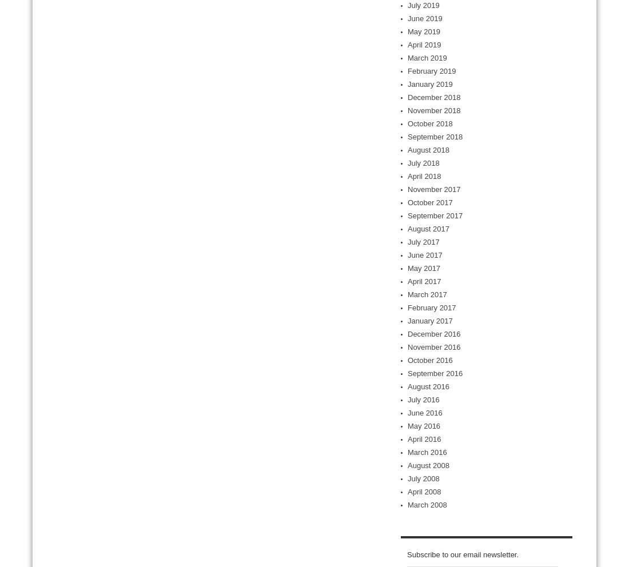 The height and width of the screenshot is (567, 629). What do you see at coordinates (407, 554) in the screenshot?
I see `'Subscribe to our email newsletter.'` at bounding box center [407, 554].